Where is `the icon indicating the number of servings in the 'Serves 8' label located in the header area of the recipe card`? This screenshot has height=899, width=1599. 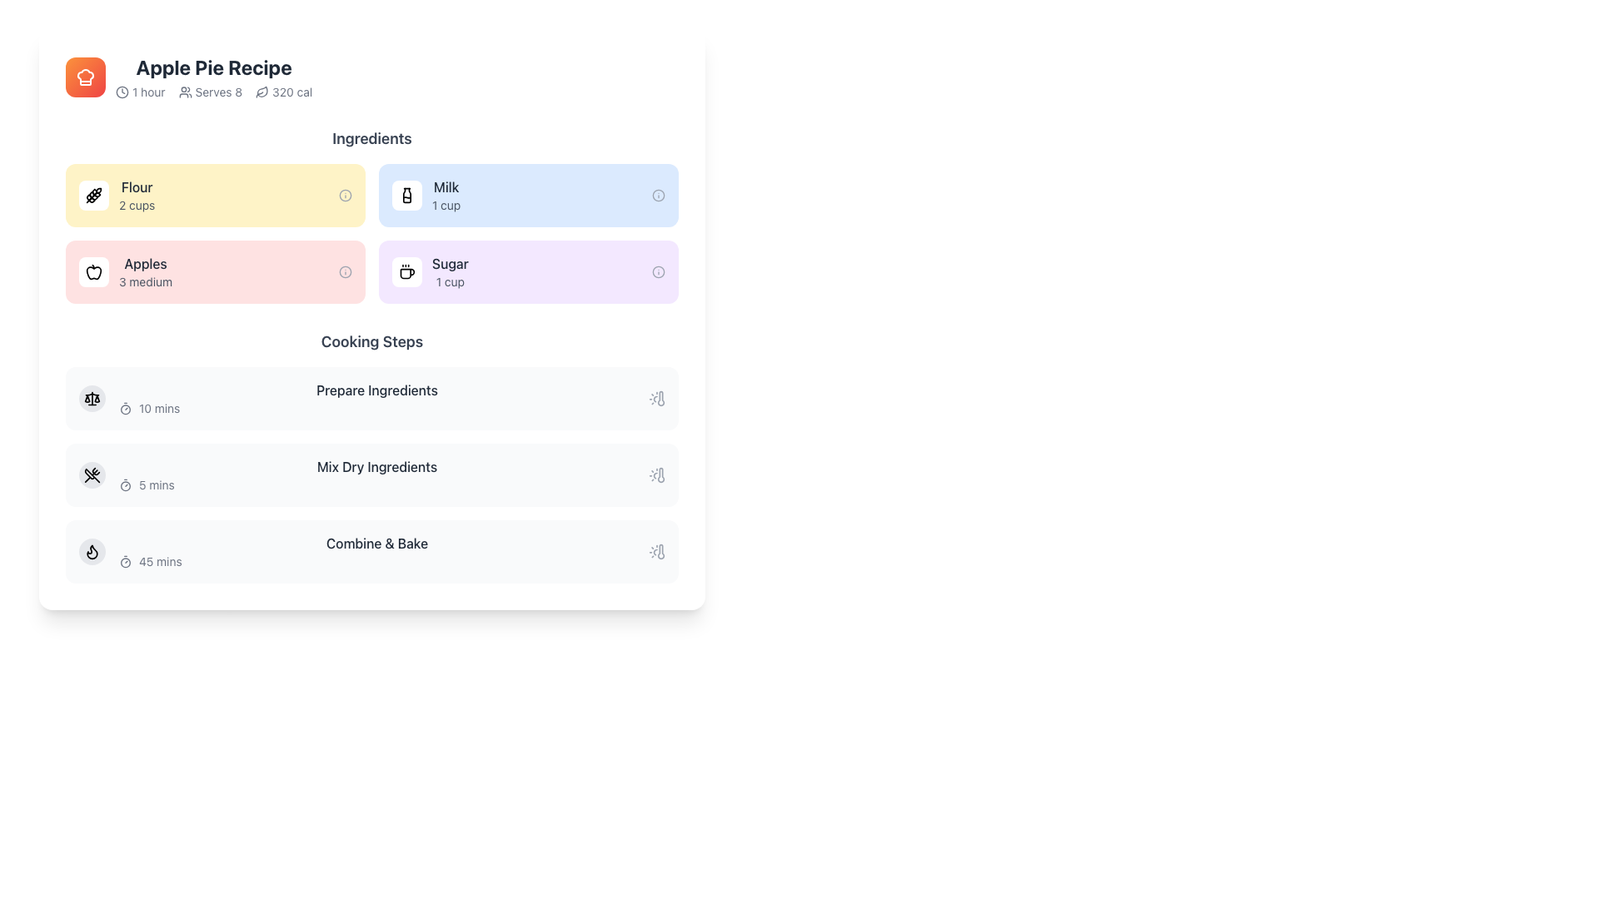
the icon indicating the number of servings in the 'Serves 8' label located in the header area of the recipe card is located at coordinates (185, 92).